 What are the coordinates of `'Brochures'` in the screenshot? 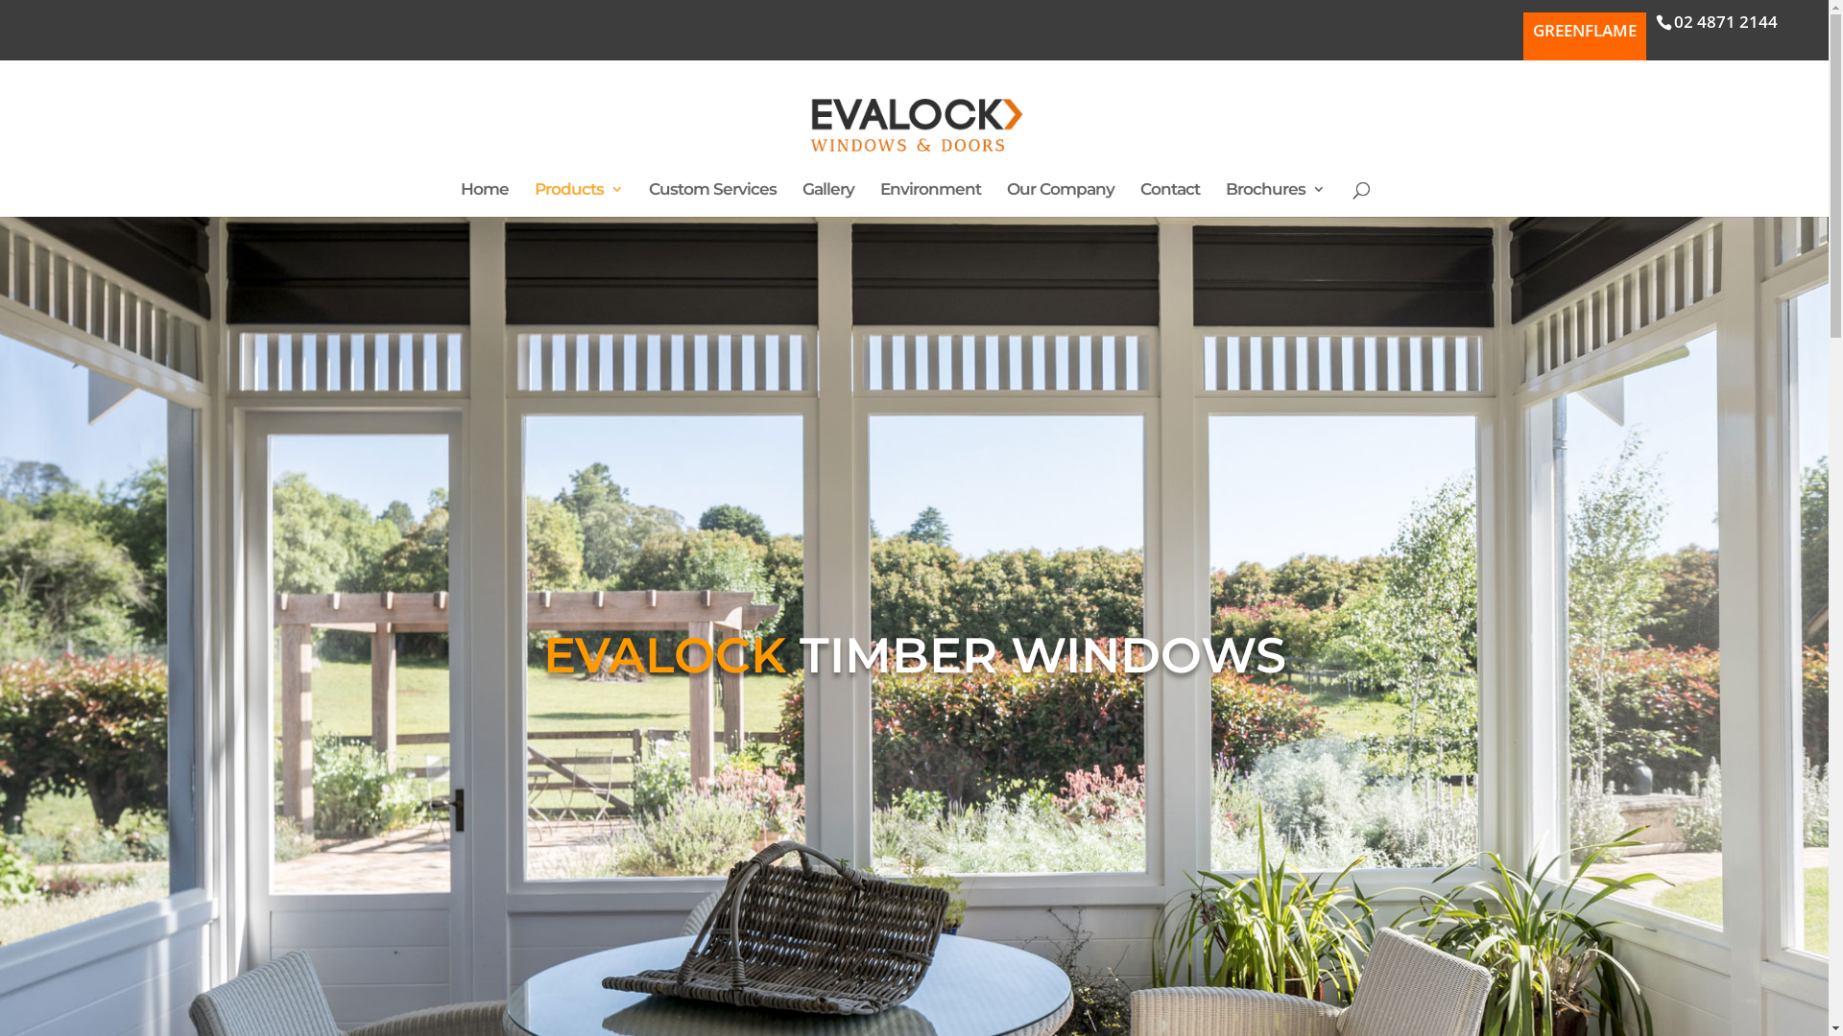 It's located at (1275, 200).